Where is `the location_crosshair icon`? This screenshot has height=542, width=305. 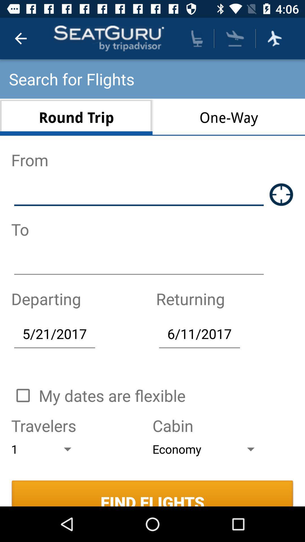 the location_crosshair icon is located at coordinates (281, 194).